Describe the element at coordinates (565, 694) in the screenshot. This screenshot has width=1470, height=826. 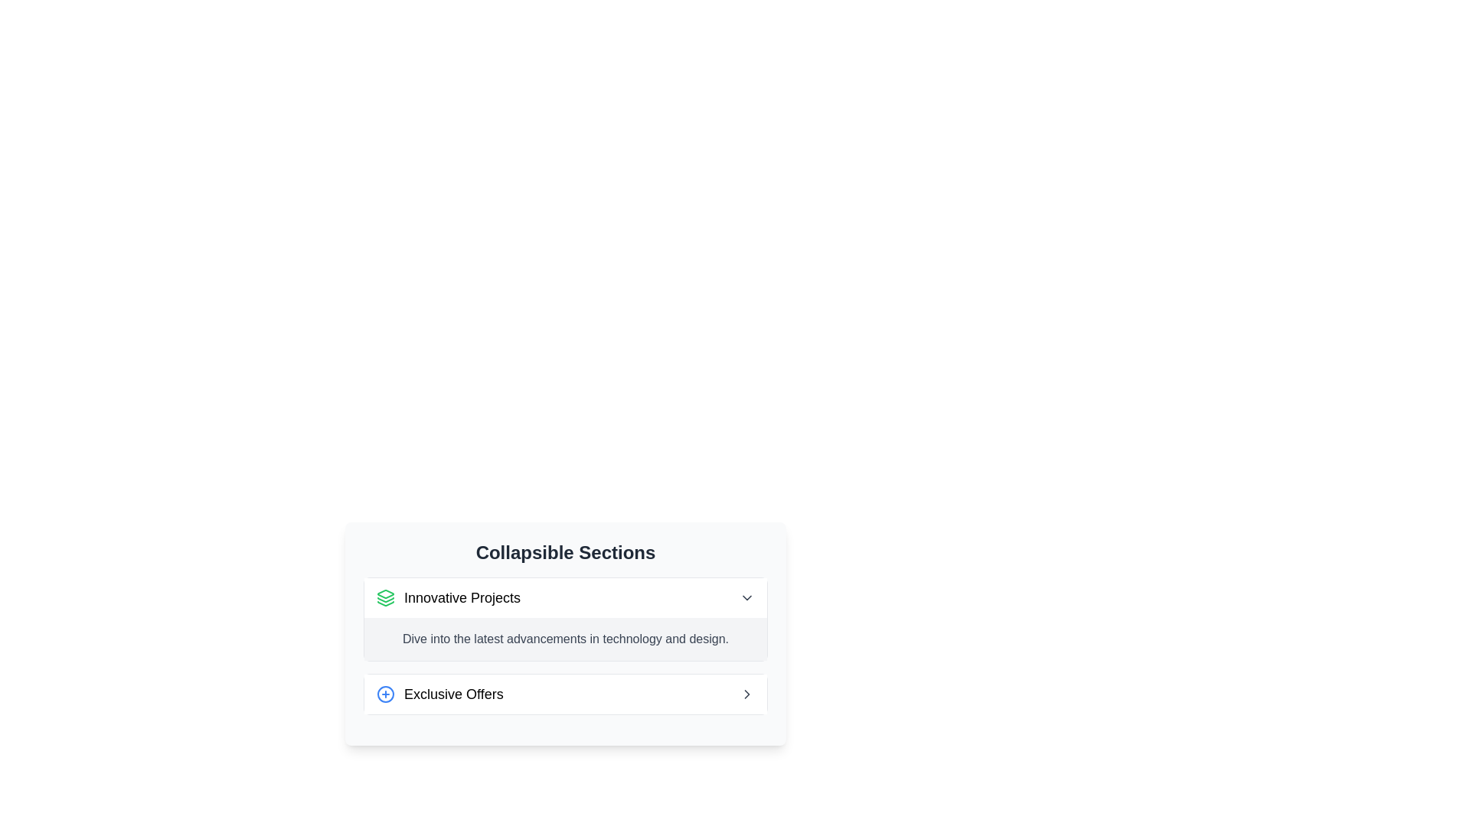
I see `the 'Exclusive Offers' button located below 'Innovative Projects' within the 'Collapsible Sections' section` at that location.